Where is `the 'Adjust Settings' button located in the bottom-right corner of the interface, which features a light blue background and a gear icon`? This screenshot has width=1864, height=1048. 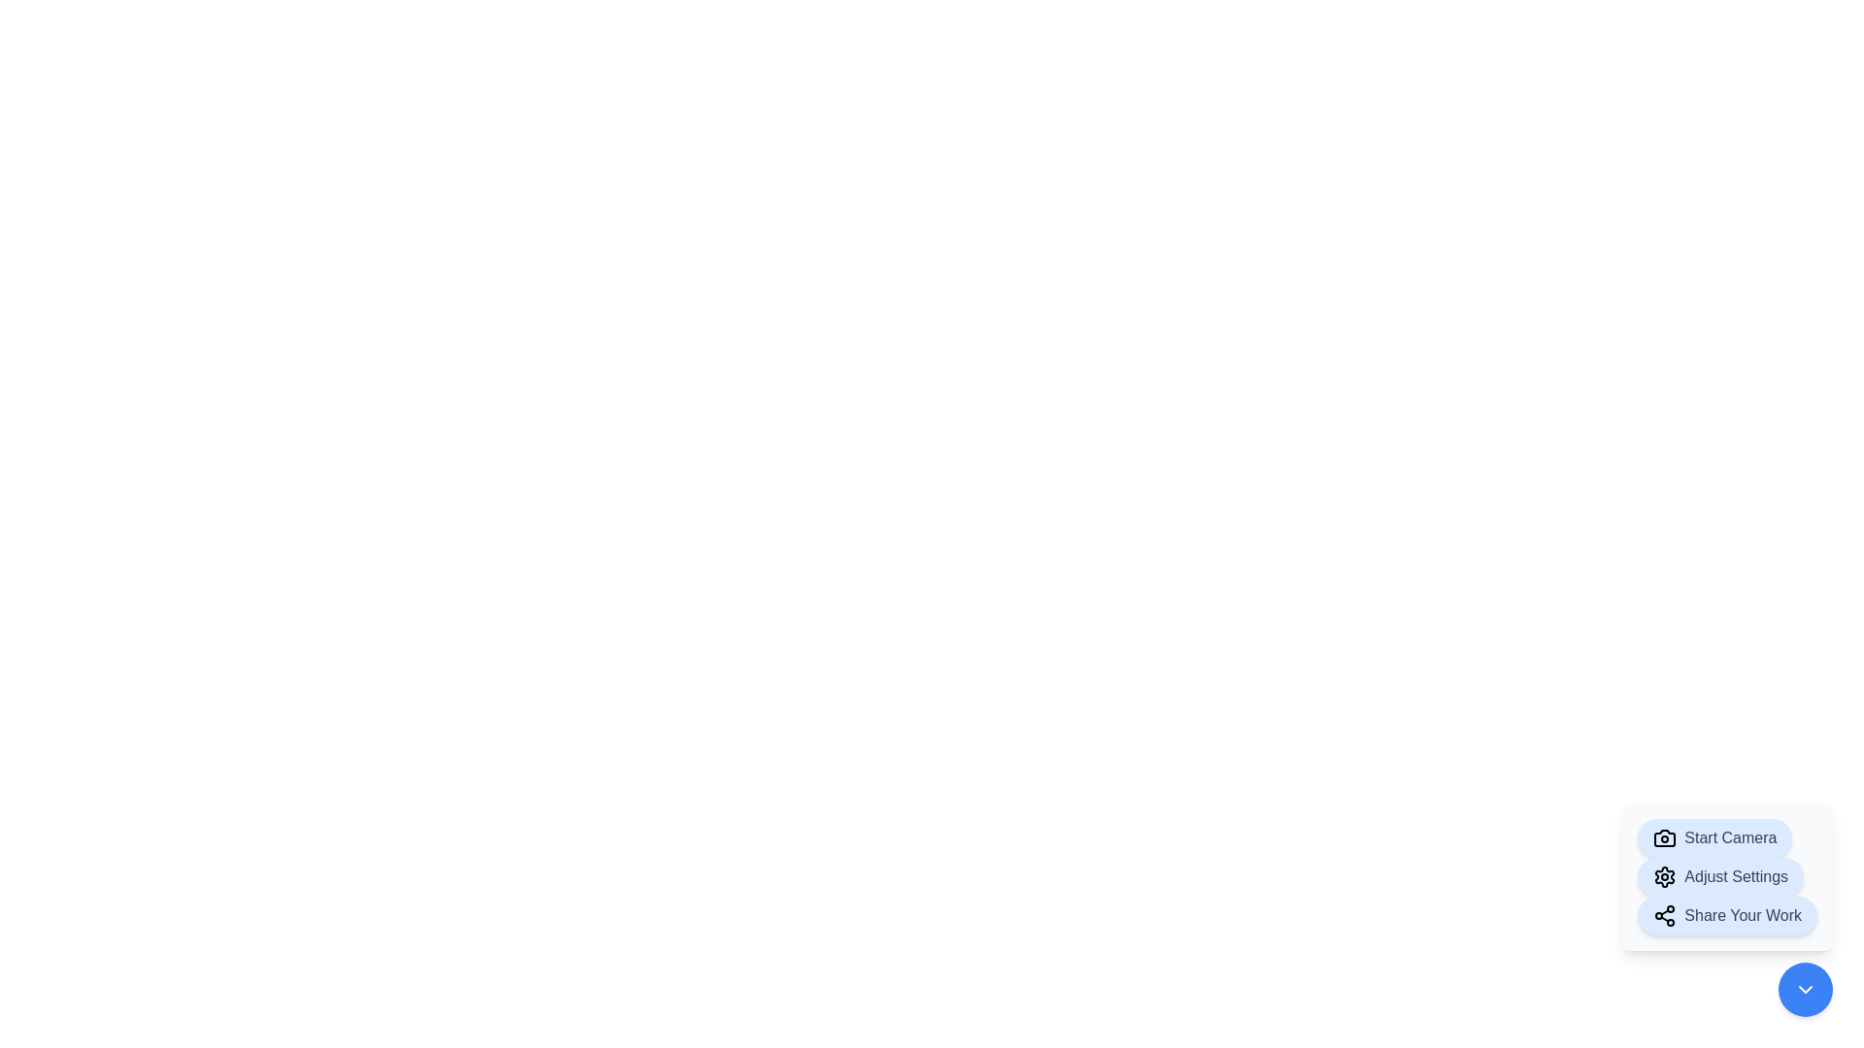
the 'Adjust Settings' button located in the bottom-right corner of the interface, which features a light blue background and a gear icon is located at coordinates (1727, 876).